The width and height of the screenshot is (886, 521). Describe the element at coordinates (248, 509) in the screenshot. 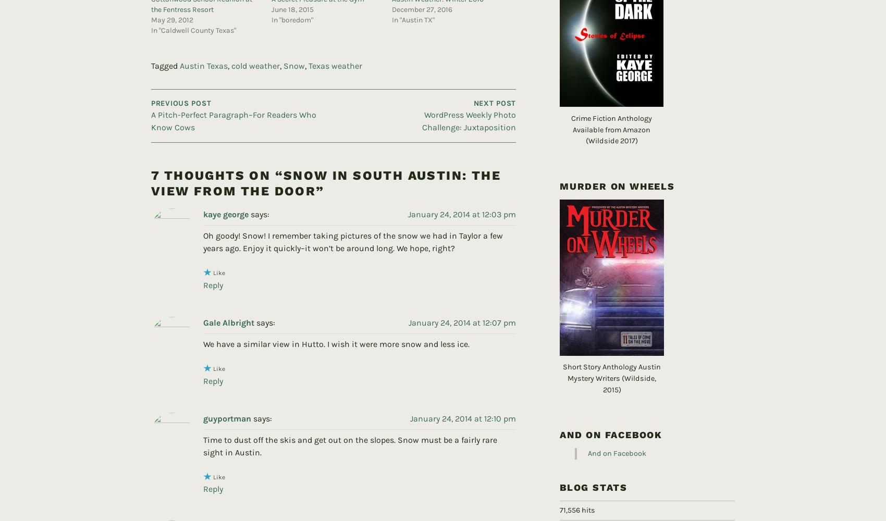

I see `'Marilyn Hudson Tucker'` at that location.